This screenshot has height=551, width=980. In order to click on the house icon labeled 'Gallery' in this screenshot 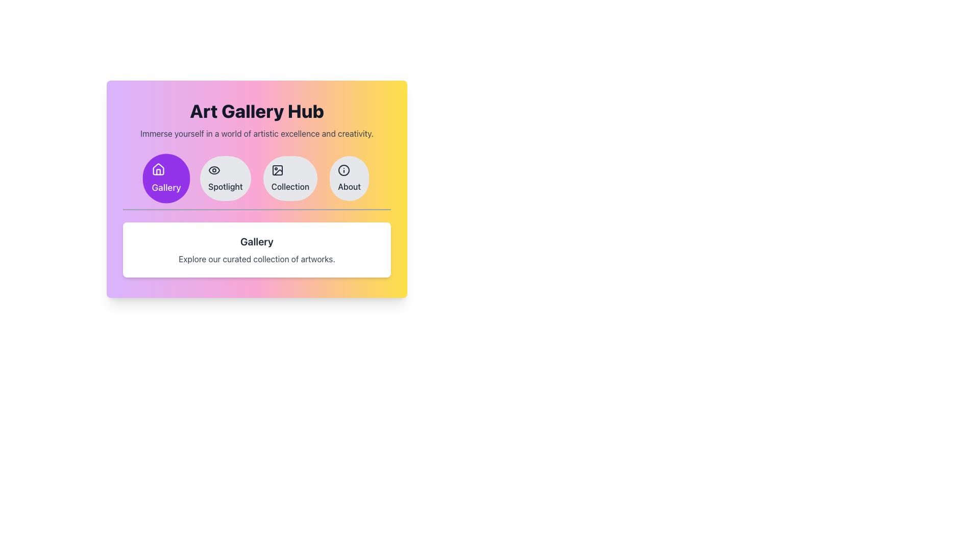, I will do `click(158, 168)`.